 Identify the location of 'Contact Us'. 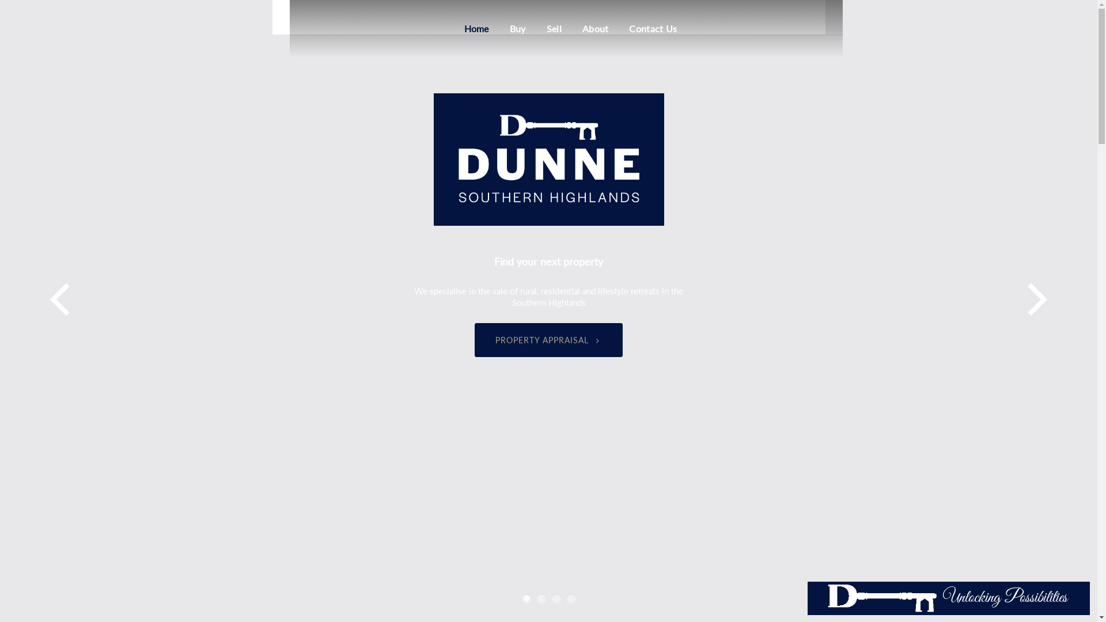
(653, 28).